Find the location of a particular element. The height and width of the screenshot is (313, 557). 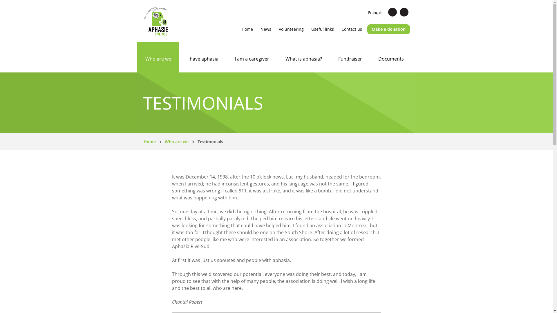

'APHASIE RIVE-SUD' is located at coordinates (156, 21).